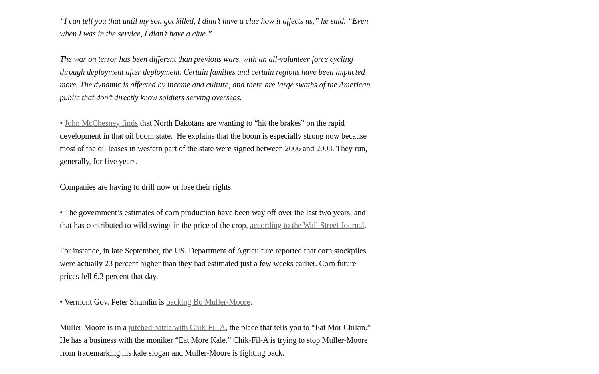  Describe the element at coordinates (60, 327) in the screenshot. I see `'Muller-Moore is in a'` at that location.